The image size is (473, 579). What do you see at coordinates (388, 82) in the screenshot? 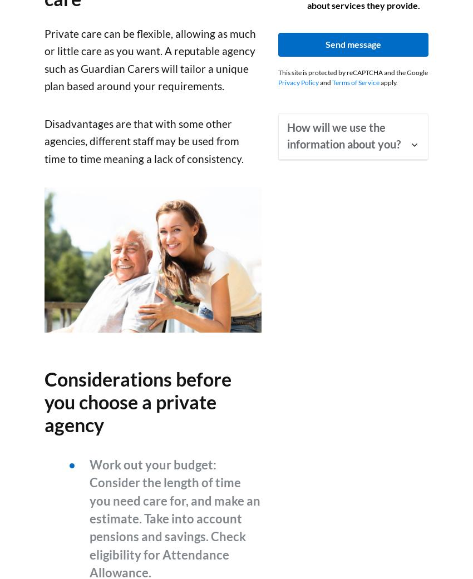
I see `'apply.'` at bounding box center [388, 82].